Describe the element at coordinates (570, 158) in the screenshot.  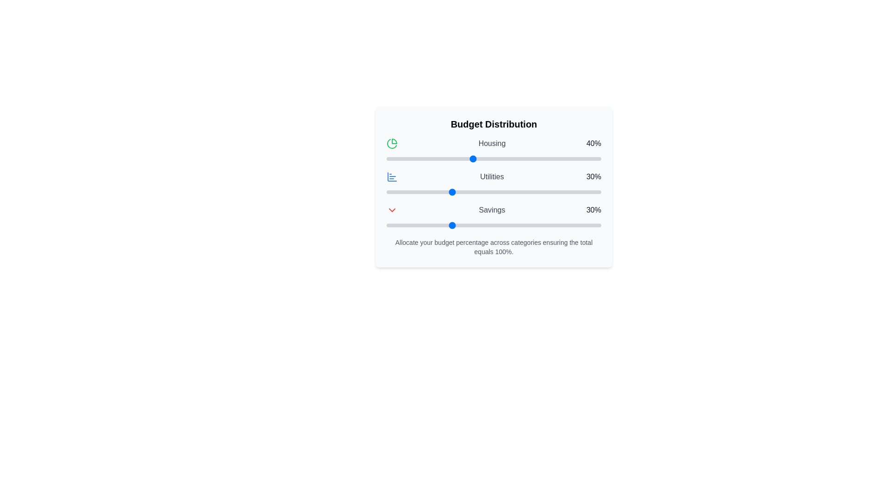
I see `housing budget` at that location.